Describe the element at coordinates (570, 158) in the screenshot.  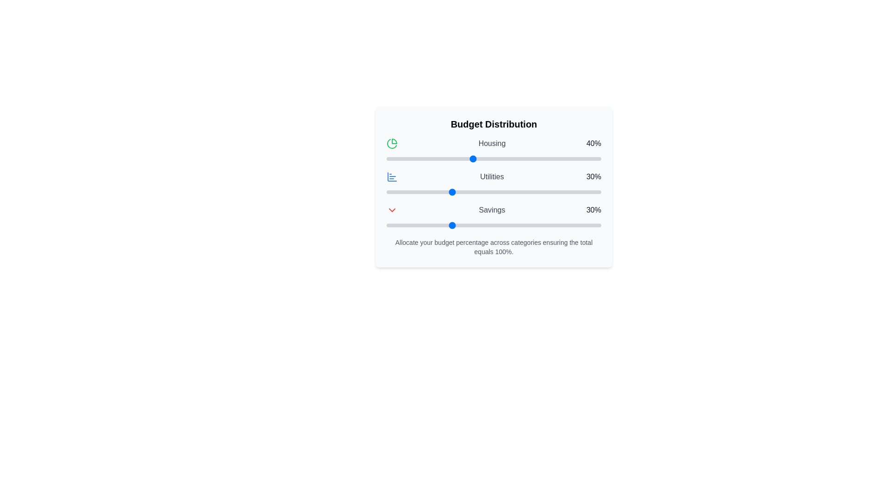
I see `housing budget` at that location.